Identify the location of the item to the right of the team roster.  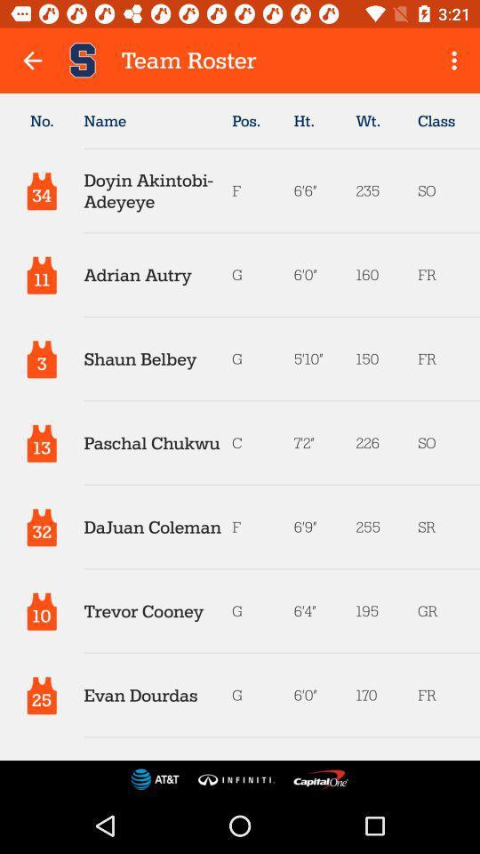
(456, 60).